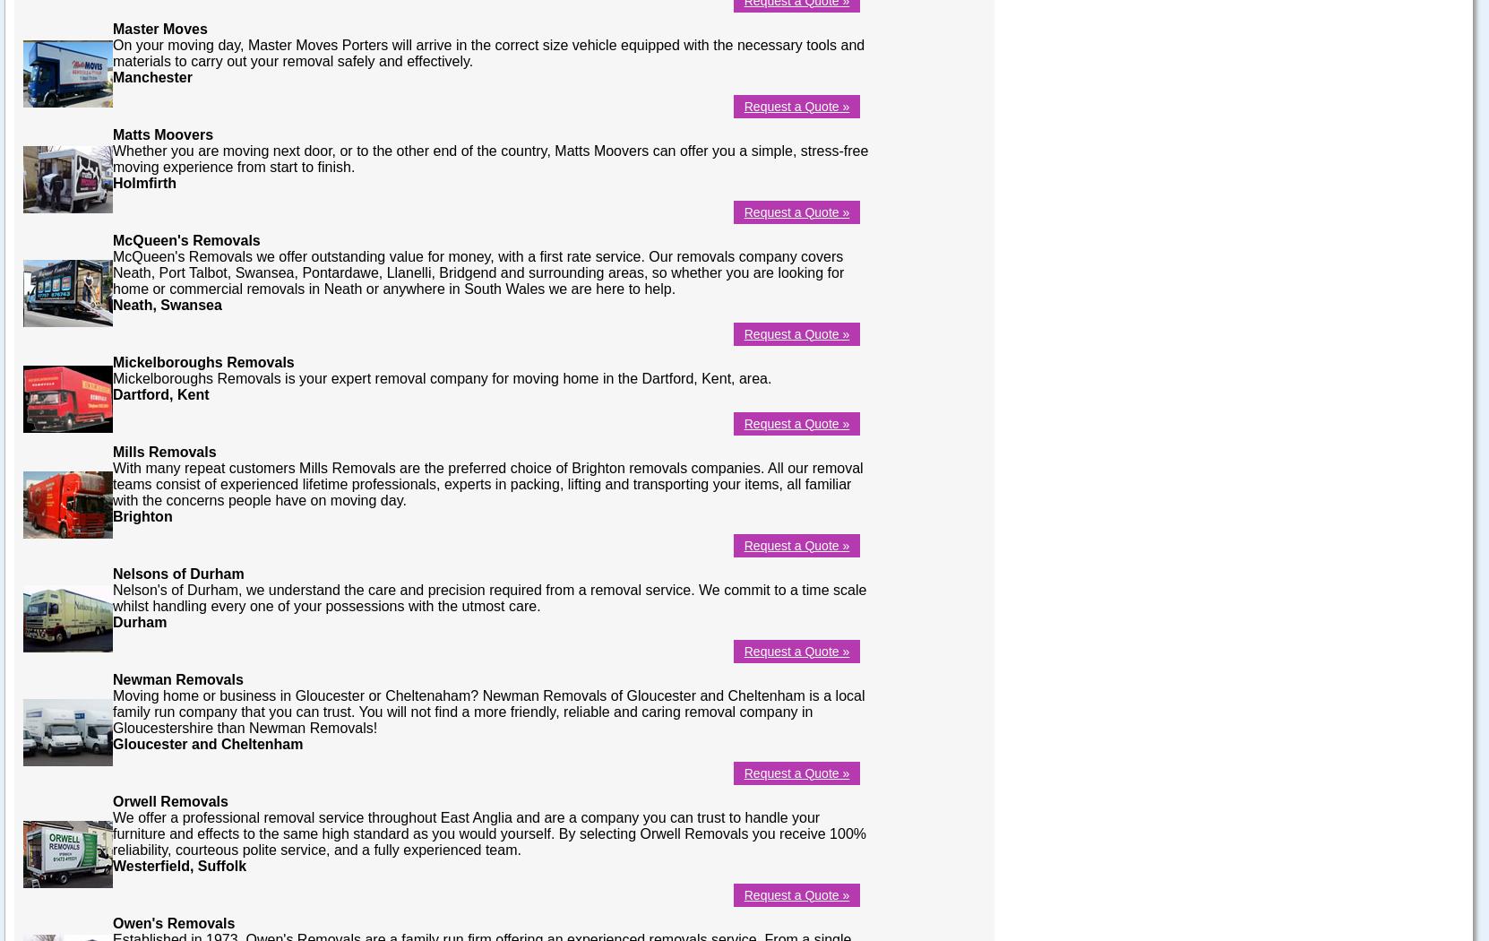 The image size is (1489, 941). Describe the element at coordinates (486, 483) in the screenshot. I see `'With many repeat customers Mills Removals are the preferred choice of Brighton removals companies.

All our removal teams consist of experienced lifetime professionals, experts in packing, lifting and transporting your items, all familiar with the concerns people have on moving day.'` at that location.